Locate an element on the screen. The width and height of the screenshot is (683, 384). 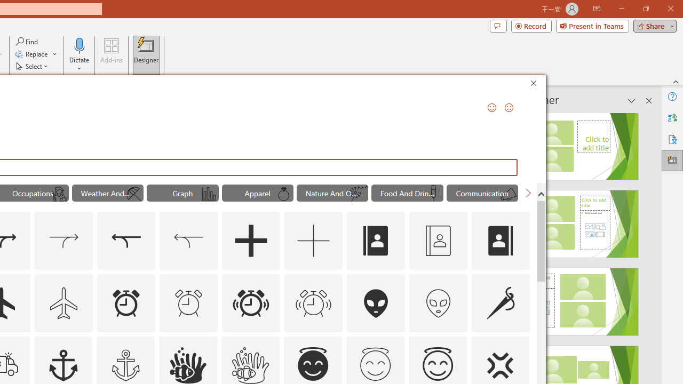
'AutomationID: Icons_ArtistFemale_M' is located at coordinates (59, 194).